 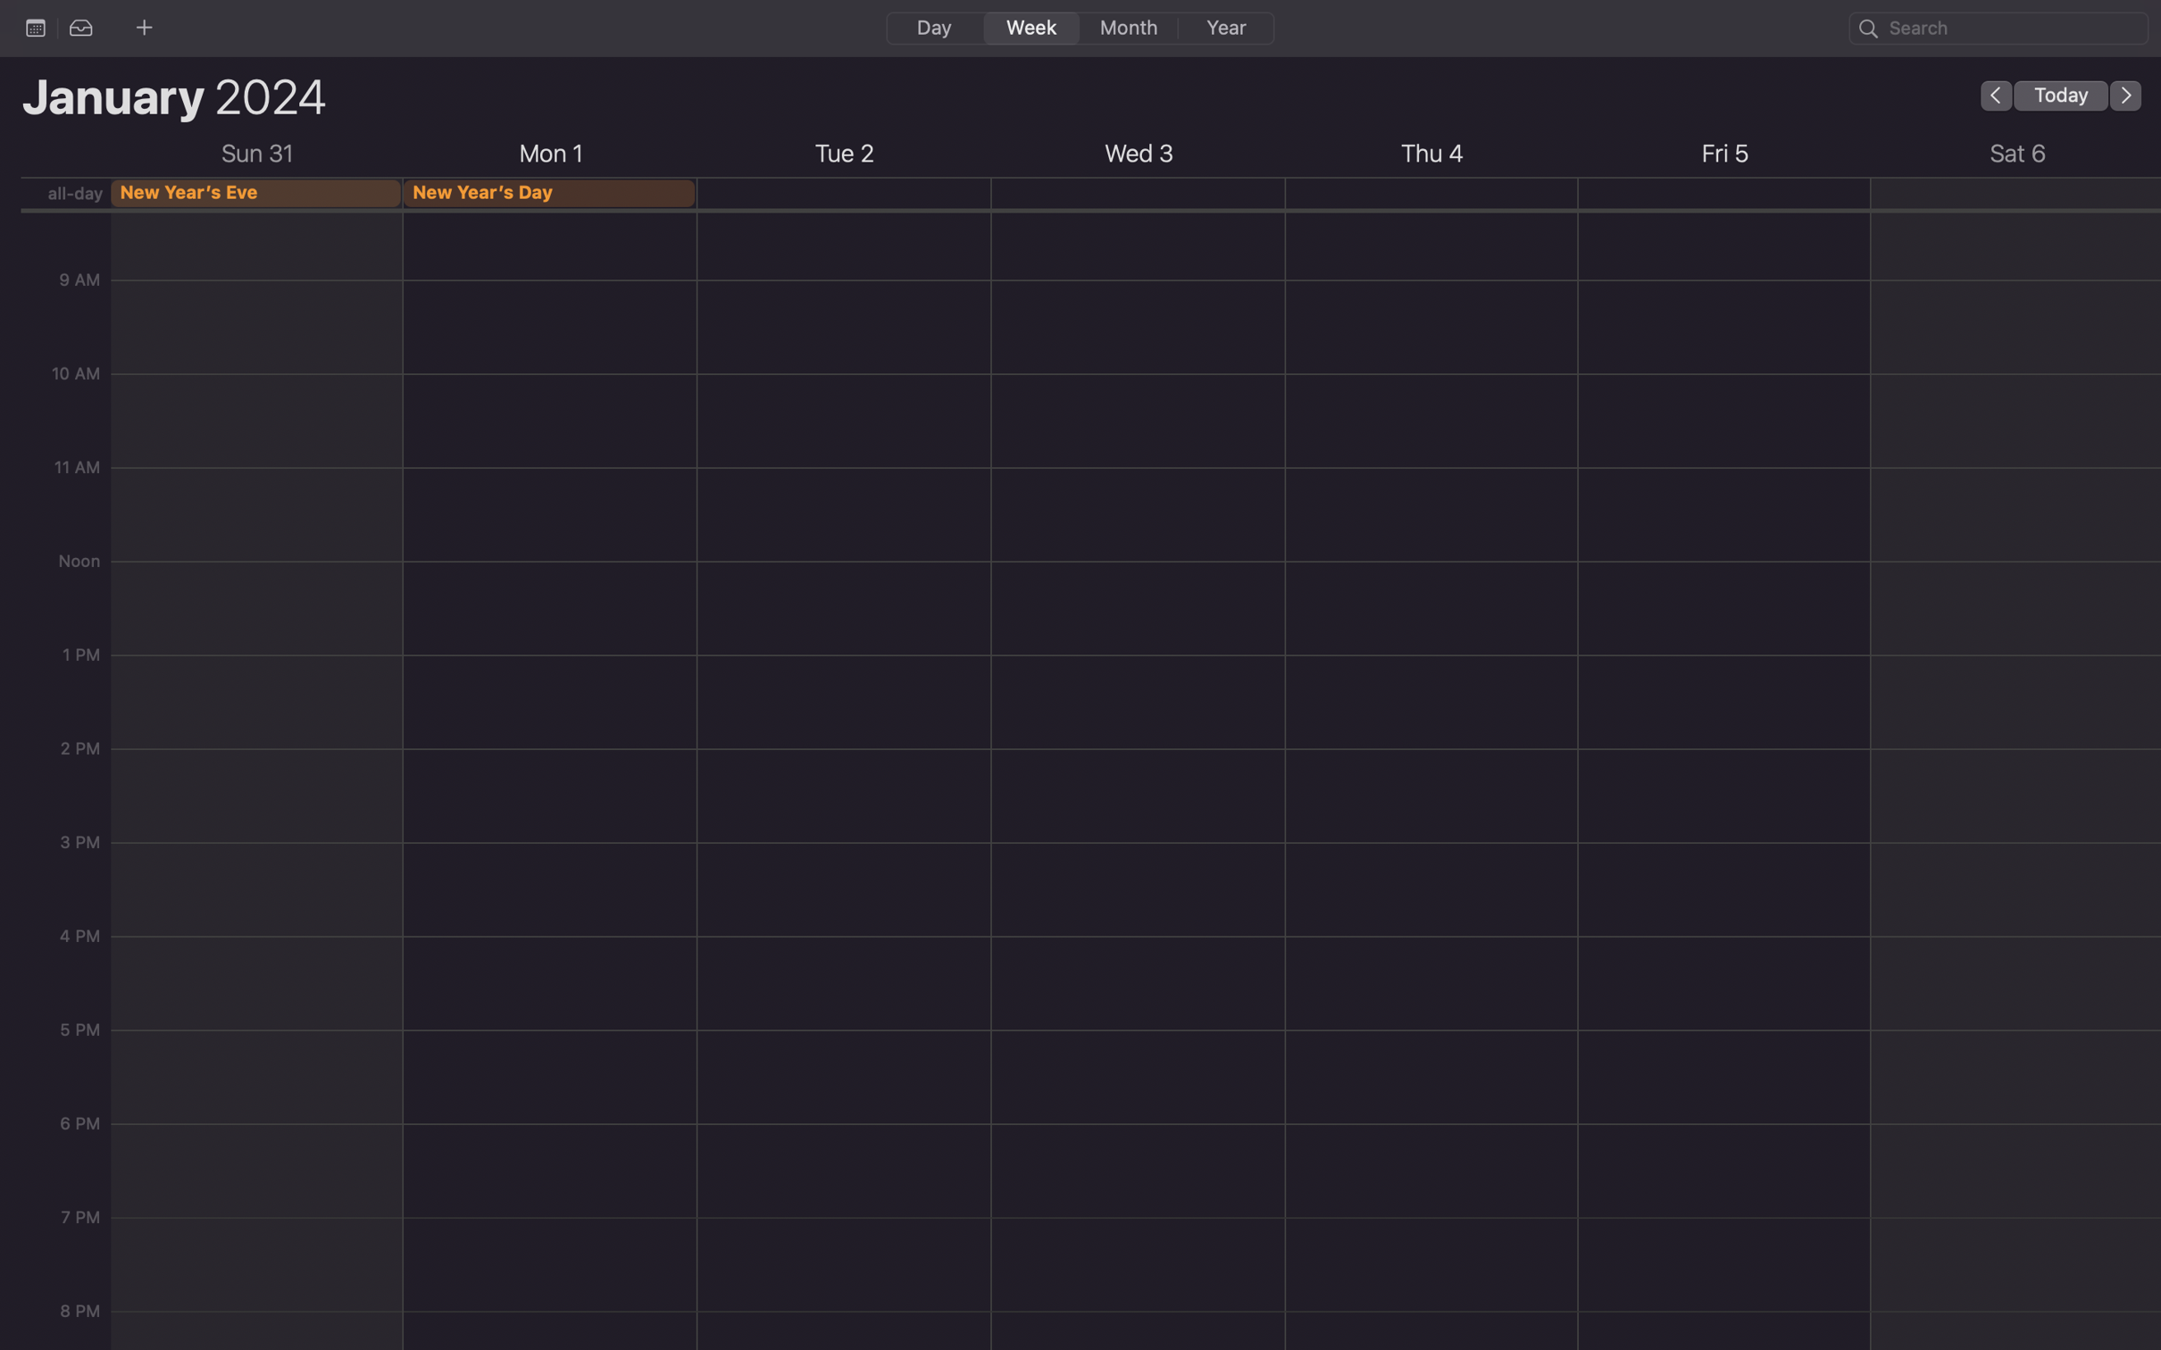 What do you see at coordinates (551, 296) in the screenshot?
I see `On the 1st of January, put an event at 9 am` at bounding box center [551, 296].